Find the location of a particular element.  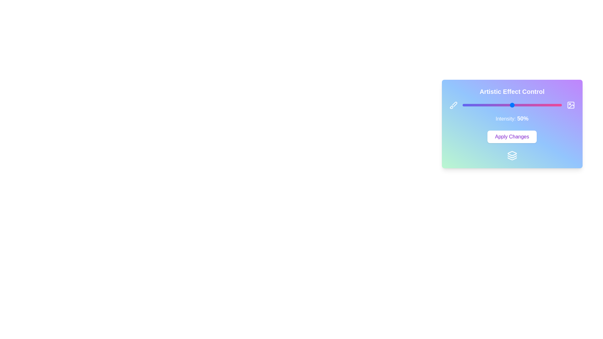

the slider to set the intensity to 76% is located at coordinates (537, 105).